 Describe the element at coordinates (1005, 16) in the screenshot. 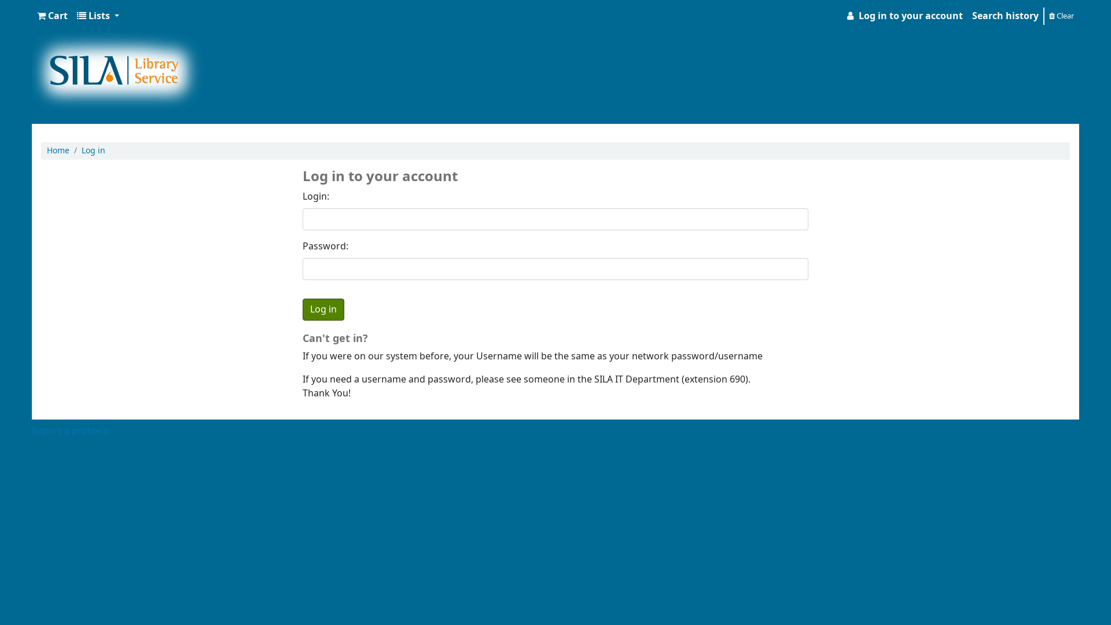

I see `'Search history'` at that location.